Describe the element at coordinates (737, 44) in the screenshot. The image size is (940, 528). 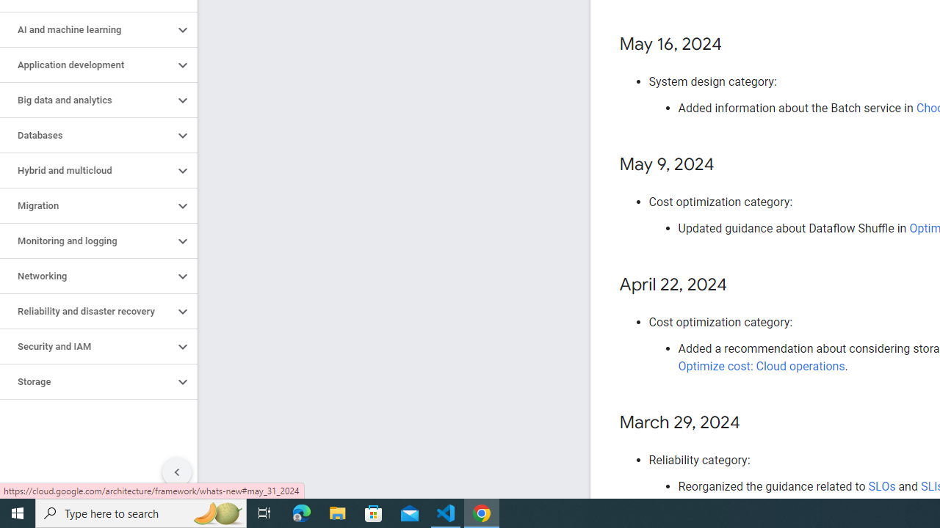
I see `'Copy link to this section: May 16, 2024'` at that location.